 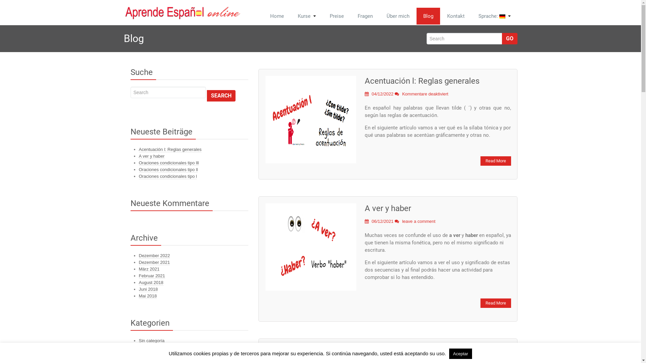 What do you see at coordinates (152, 347) in the screenshot?
I see `'Uncategorized'` at bounding box center [152, 347].